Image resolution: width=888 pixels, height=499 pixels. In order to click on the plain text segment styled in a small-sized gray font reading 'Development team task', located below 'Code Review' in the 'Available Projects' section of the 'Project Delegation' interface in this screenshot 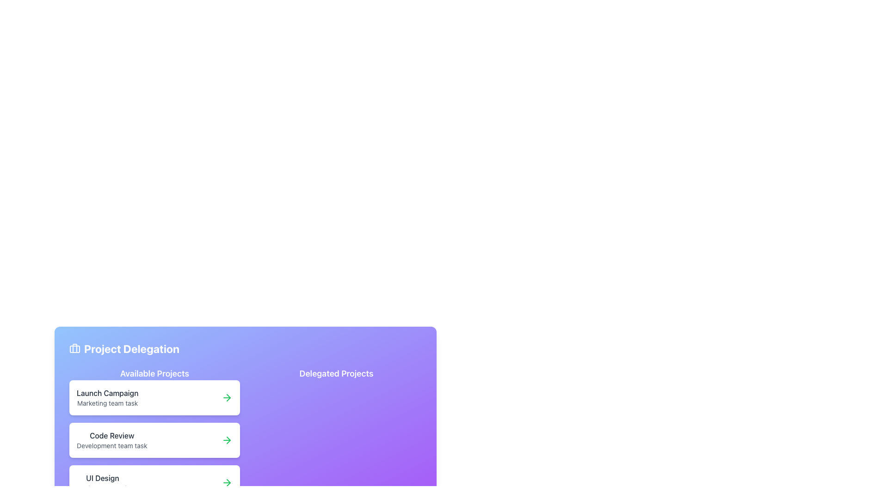, I will do `click(111, 445)`.